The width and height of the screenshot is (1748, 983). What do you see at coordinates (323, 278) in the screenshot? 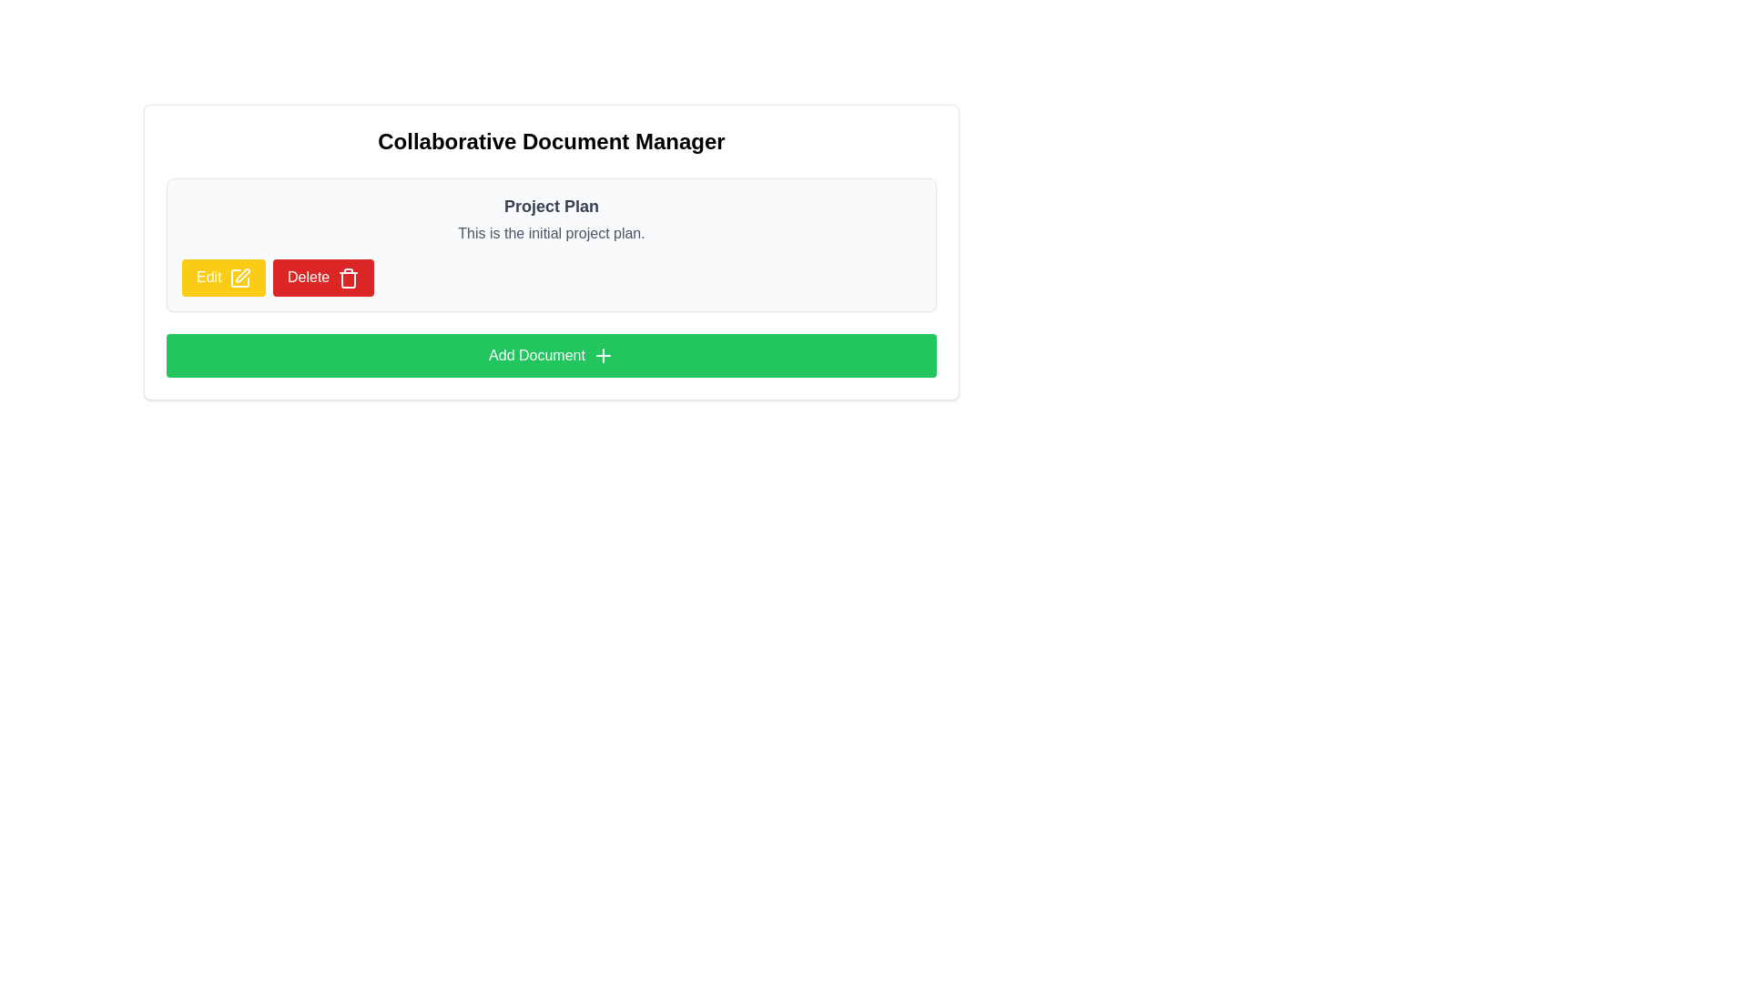
I see `the red 'Delete' button with rounded edges, labeled in white text, located to the right of the 'Edit' button under the 'Project Plan' card` at bounding box center [323, 278].